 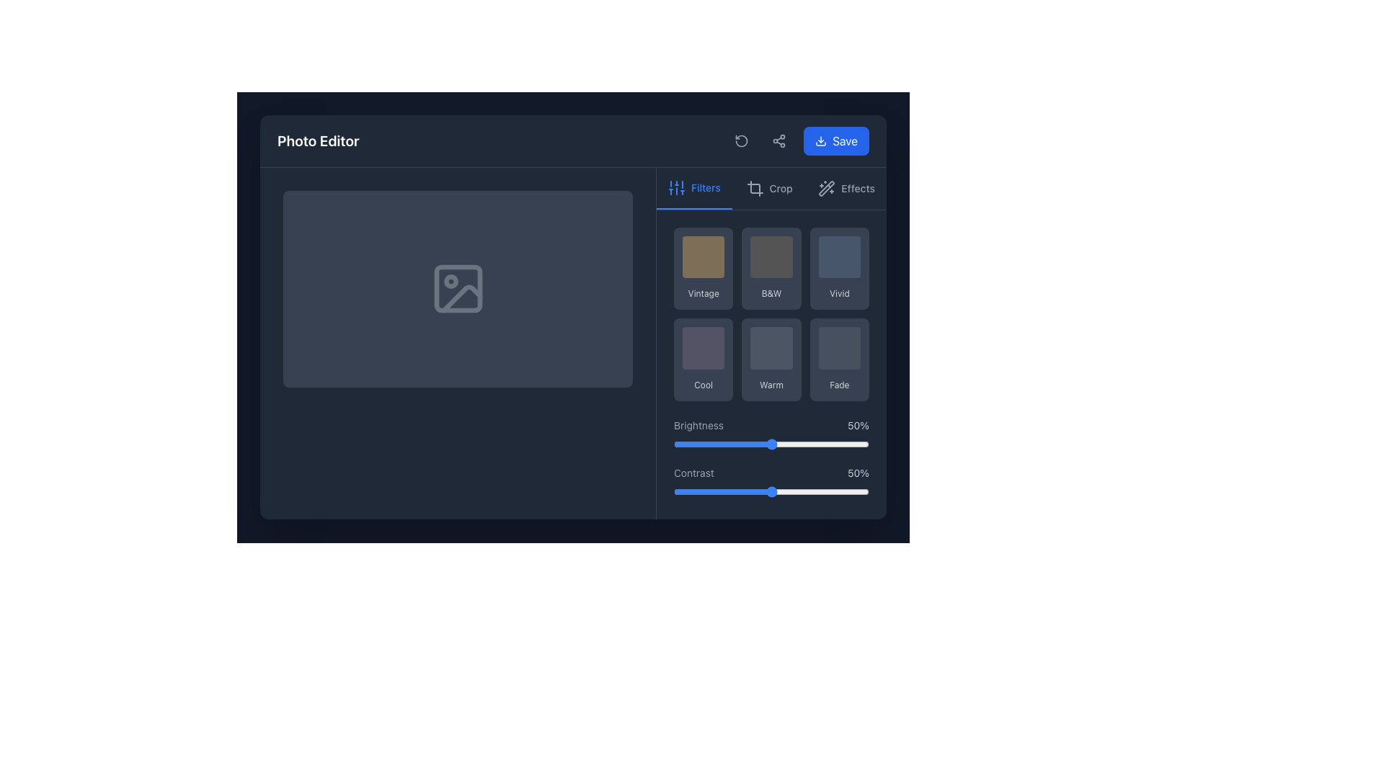 What do you see at coordinates (863, 443) in the screenshot?
I see `the slider` at bounding box center [863, 443].